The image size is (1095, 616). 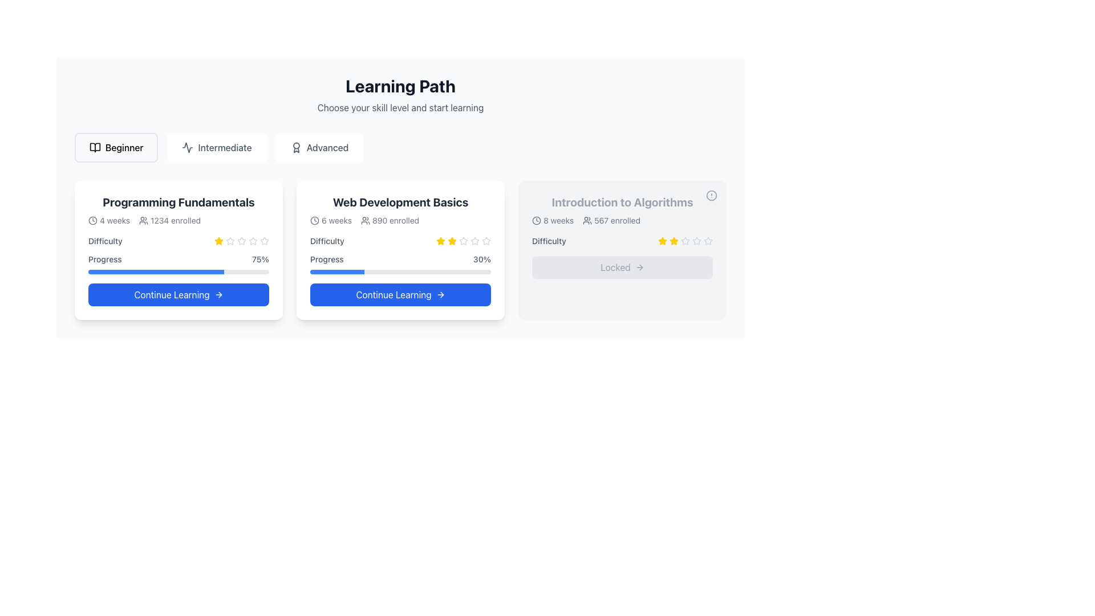 What do you see at coordinates (217, 147) in the screenshot?
I see `the 'Intermediate' button located in the skill level selection section` at bounding box center [217, 147].